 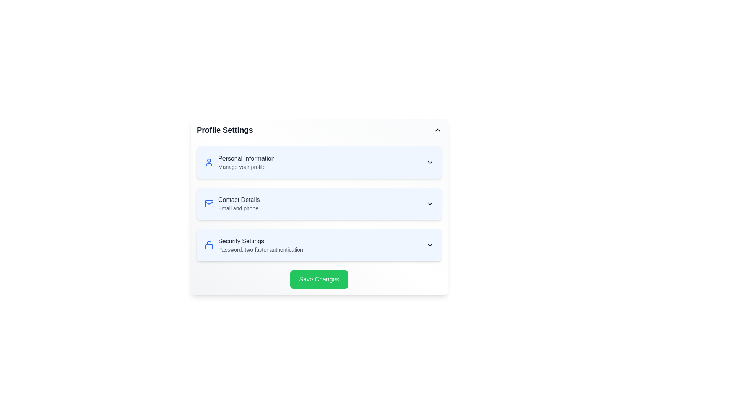 I want to click on the chevron-down icon, so click(x=430, y=245).